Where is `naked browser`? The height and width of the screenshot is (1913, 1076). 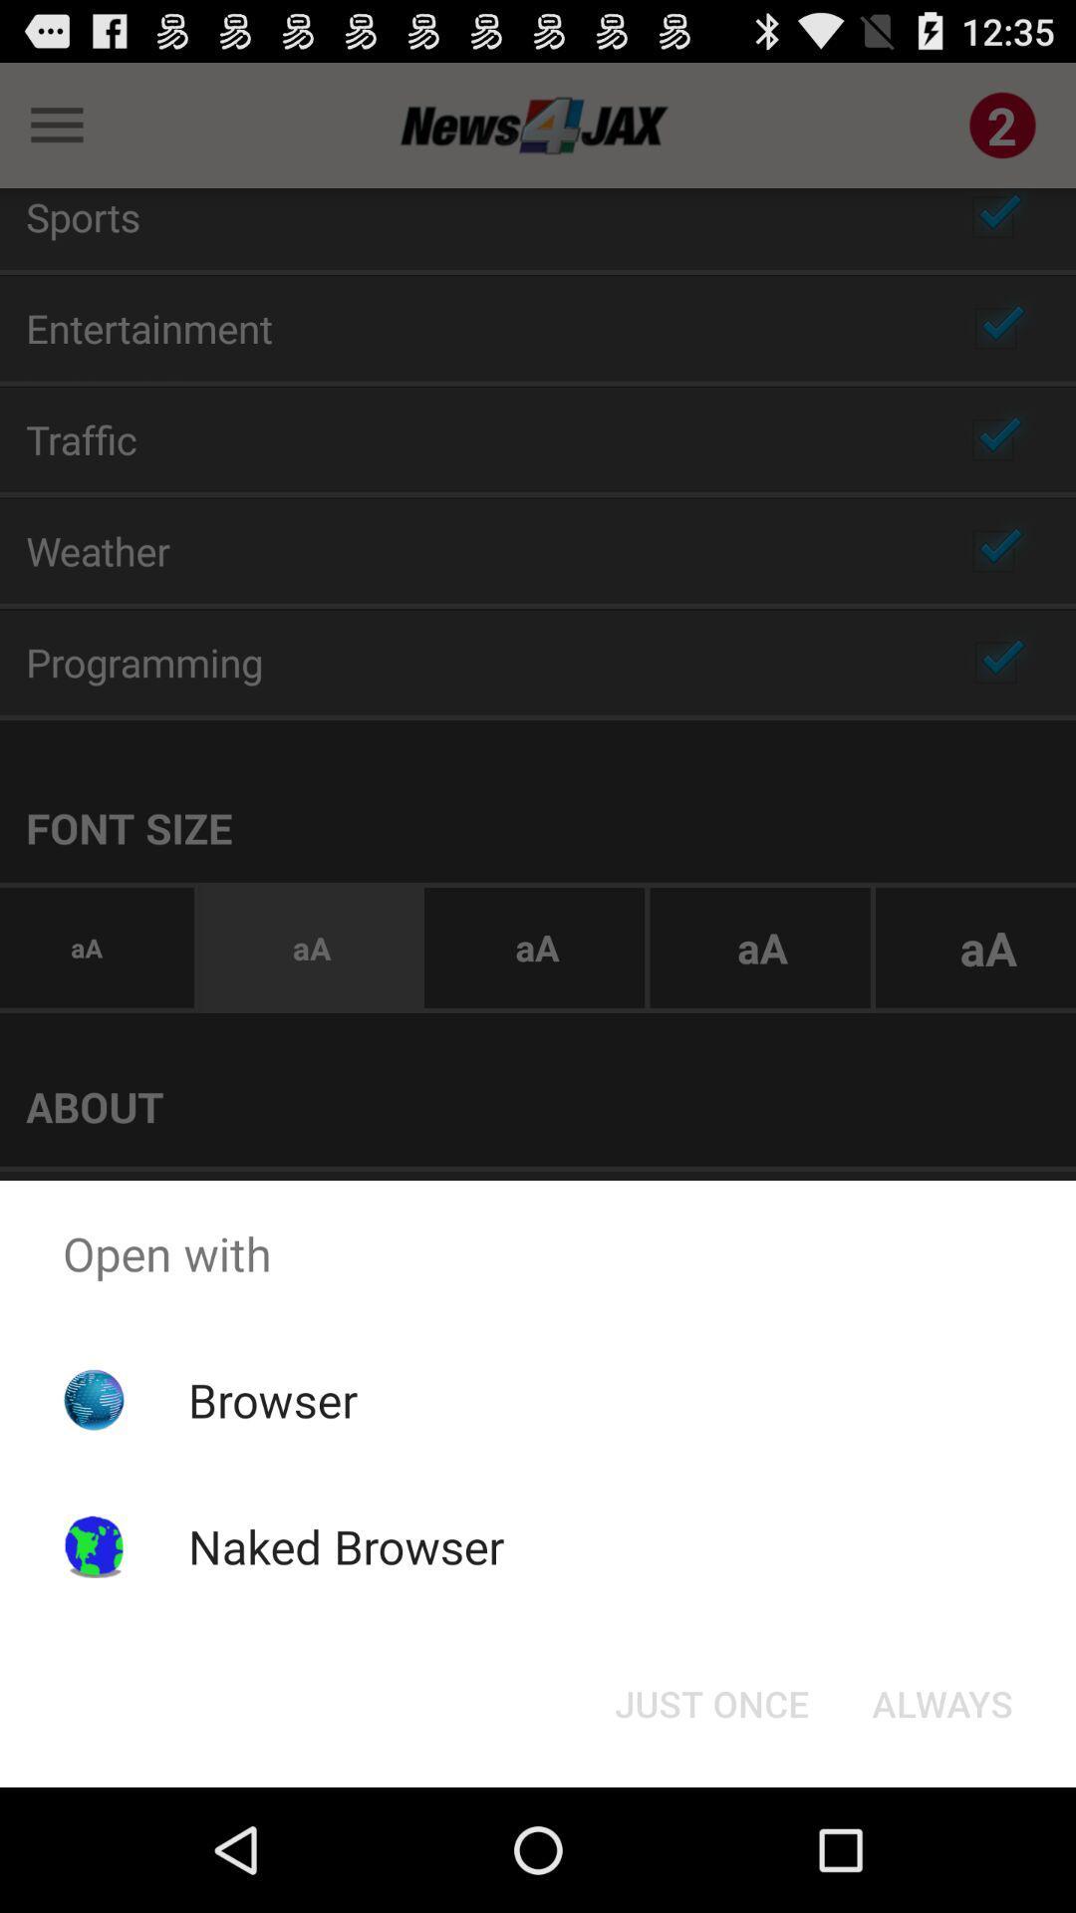 naked browser is located at coordinates (345, 1545).